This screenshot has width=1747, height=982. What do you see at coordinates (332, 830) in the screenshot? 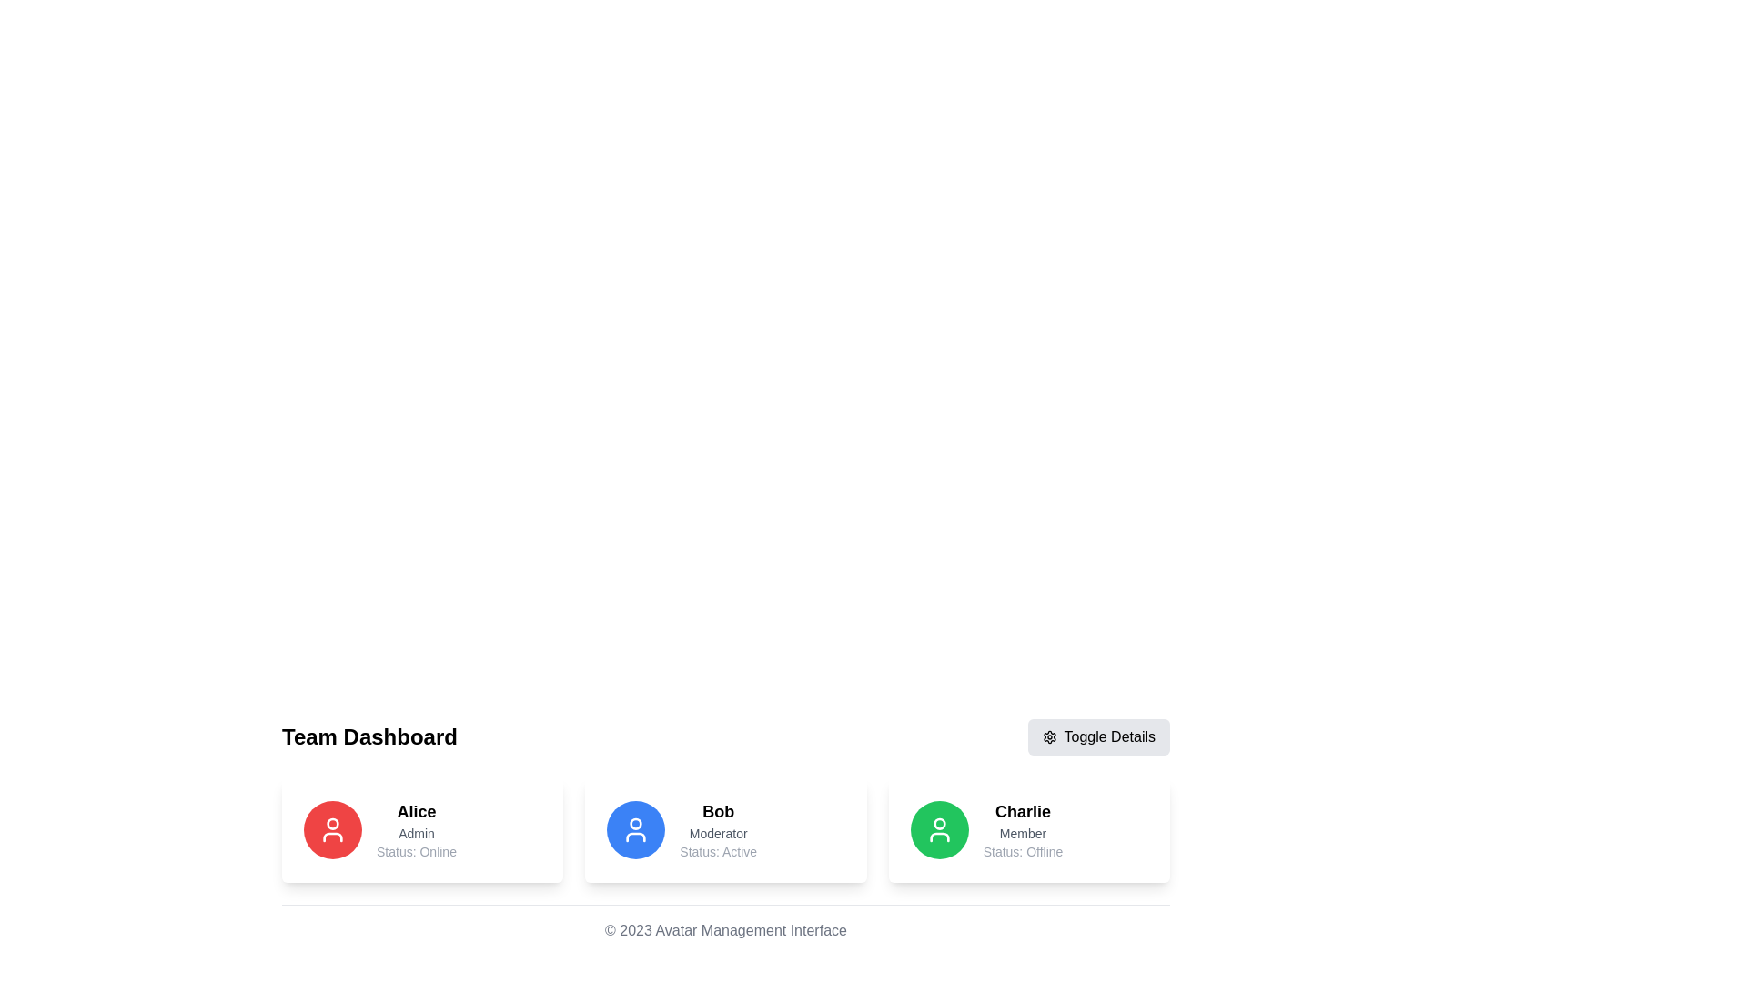
I see `the user silhouette icon in the card labeled 'Alice' under the 'Team Dashboard' heading` at bounding box center [332, 830].